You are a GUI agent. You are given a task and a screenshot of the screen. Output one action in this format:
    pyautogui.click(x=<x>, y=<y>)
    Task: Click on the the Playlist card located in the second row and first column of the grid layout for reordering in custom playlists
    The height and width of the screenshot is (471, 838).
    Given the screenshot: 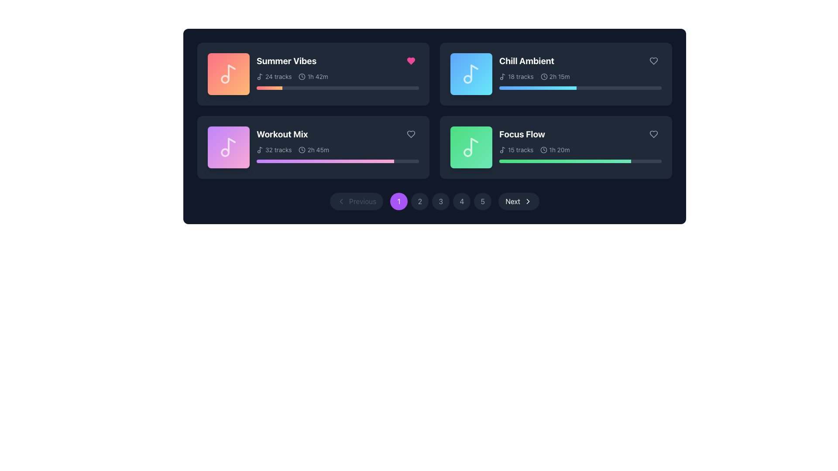 What is the action you would take?
    pyautogui.click(x=337, y=144)
    